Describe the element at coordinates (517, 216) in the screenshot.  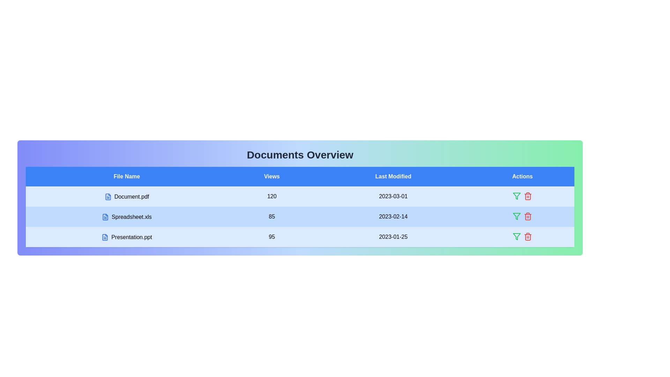
I see `the action icon filter for the row corresponding to Spreadsheet.xls` at that location.